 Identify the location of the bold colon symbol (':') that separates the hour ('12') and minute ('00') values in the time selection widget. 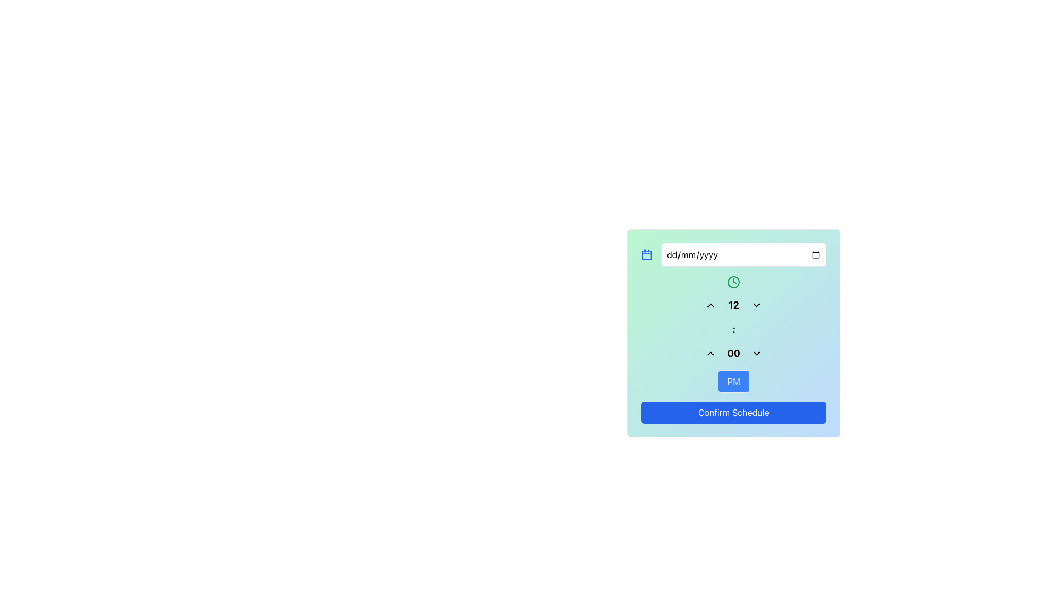
(734, 329).